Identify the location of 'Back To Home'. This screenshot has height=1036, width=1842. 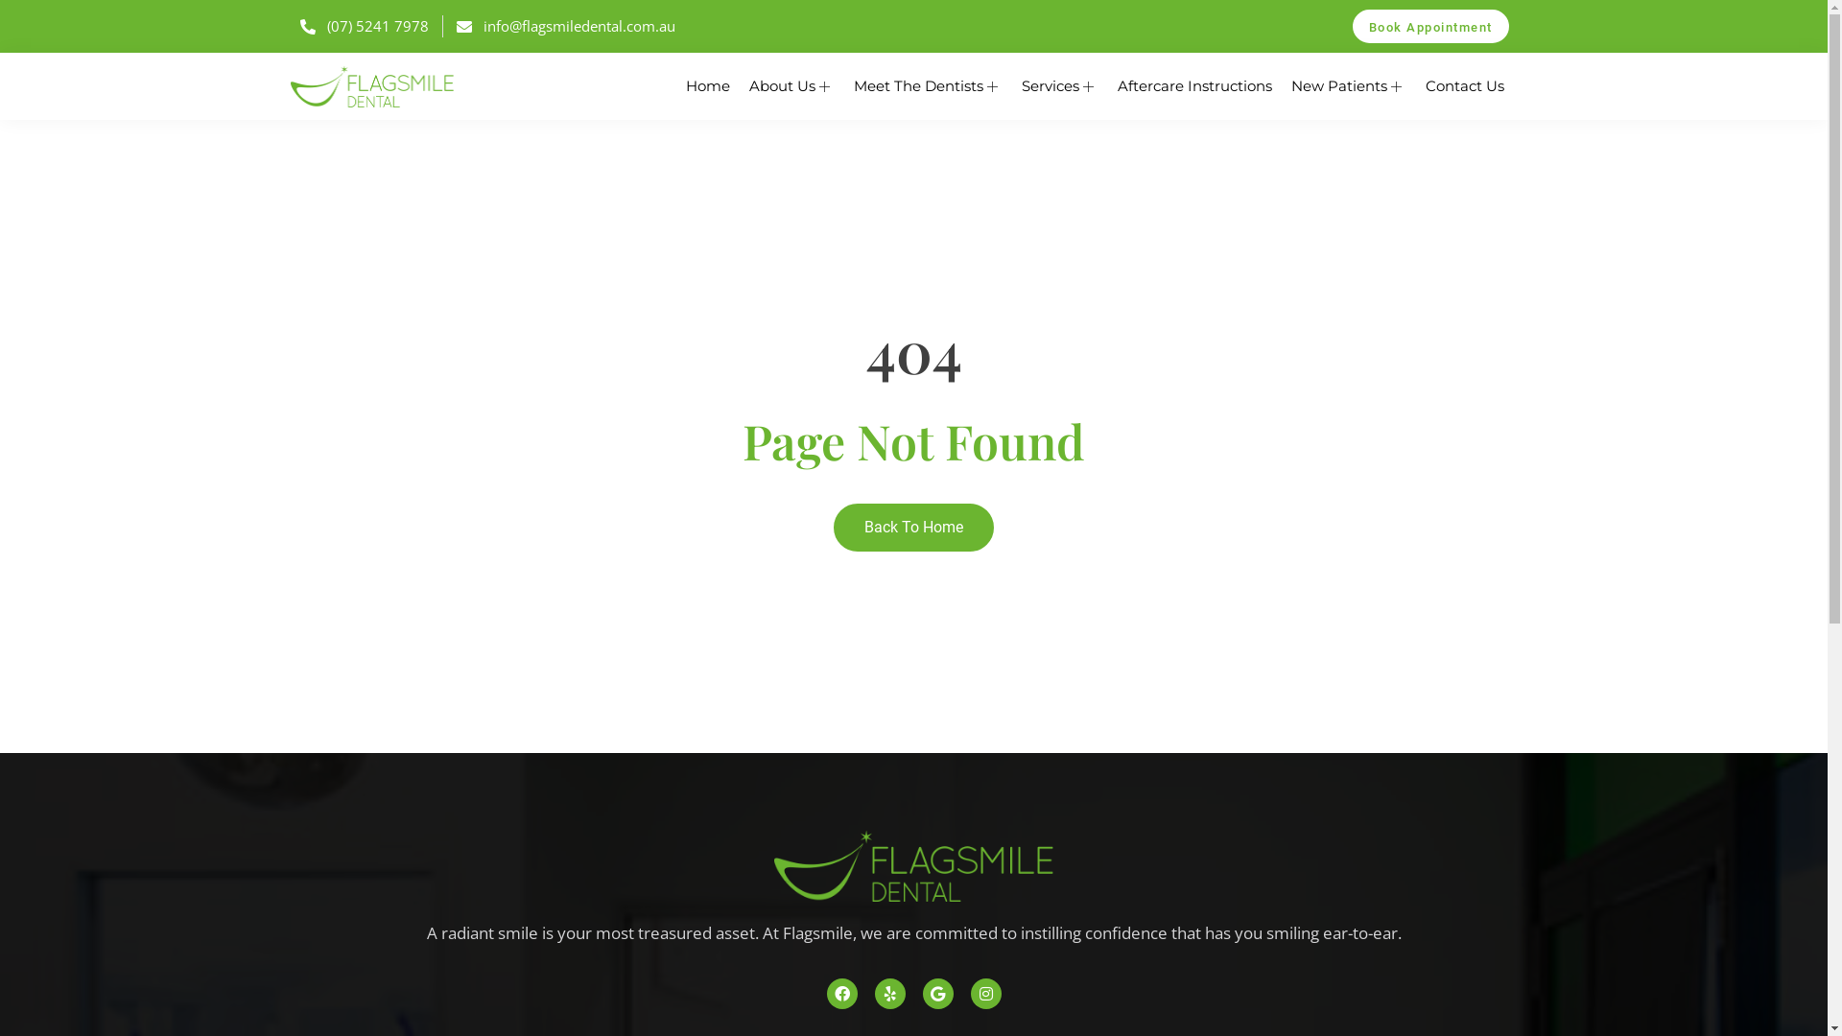
(912, 528).